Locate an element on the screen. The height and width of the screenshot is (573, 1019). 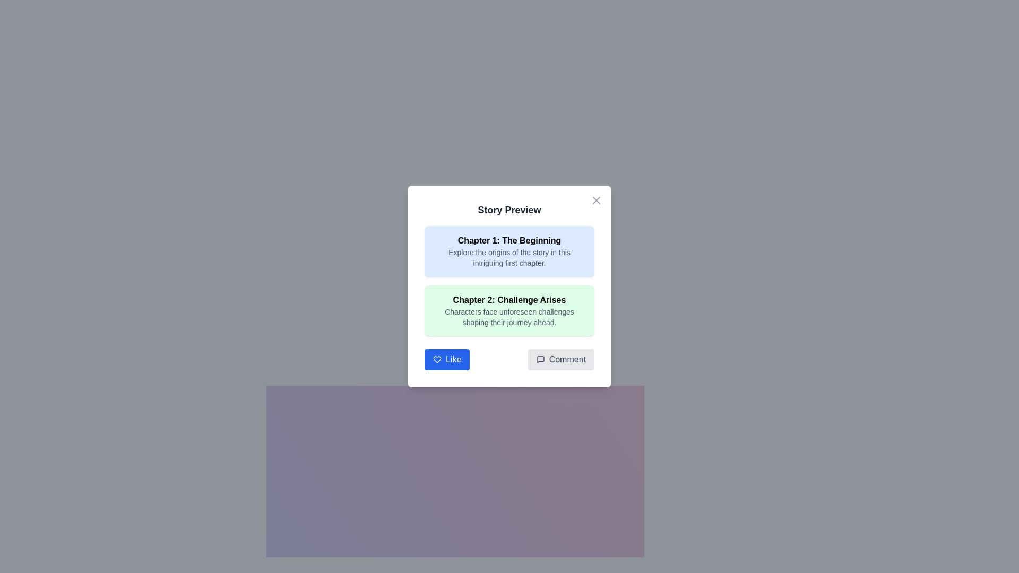
the 'Like' button which features white text on a blue background within the 'Story Preview' pop-up interface is located at coordinates (453, 359).